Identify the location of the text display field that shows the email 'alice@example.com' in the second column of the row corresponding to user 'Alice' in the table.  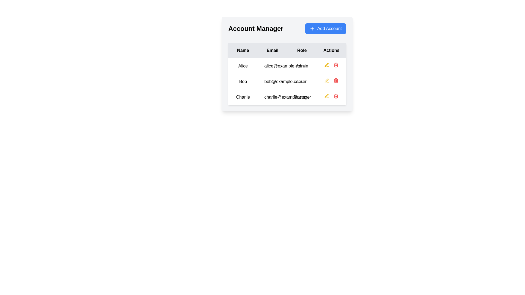
(272, 66).